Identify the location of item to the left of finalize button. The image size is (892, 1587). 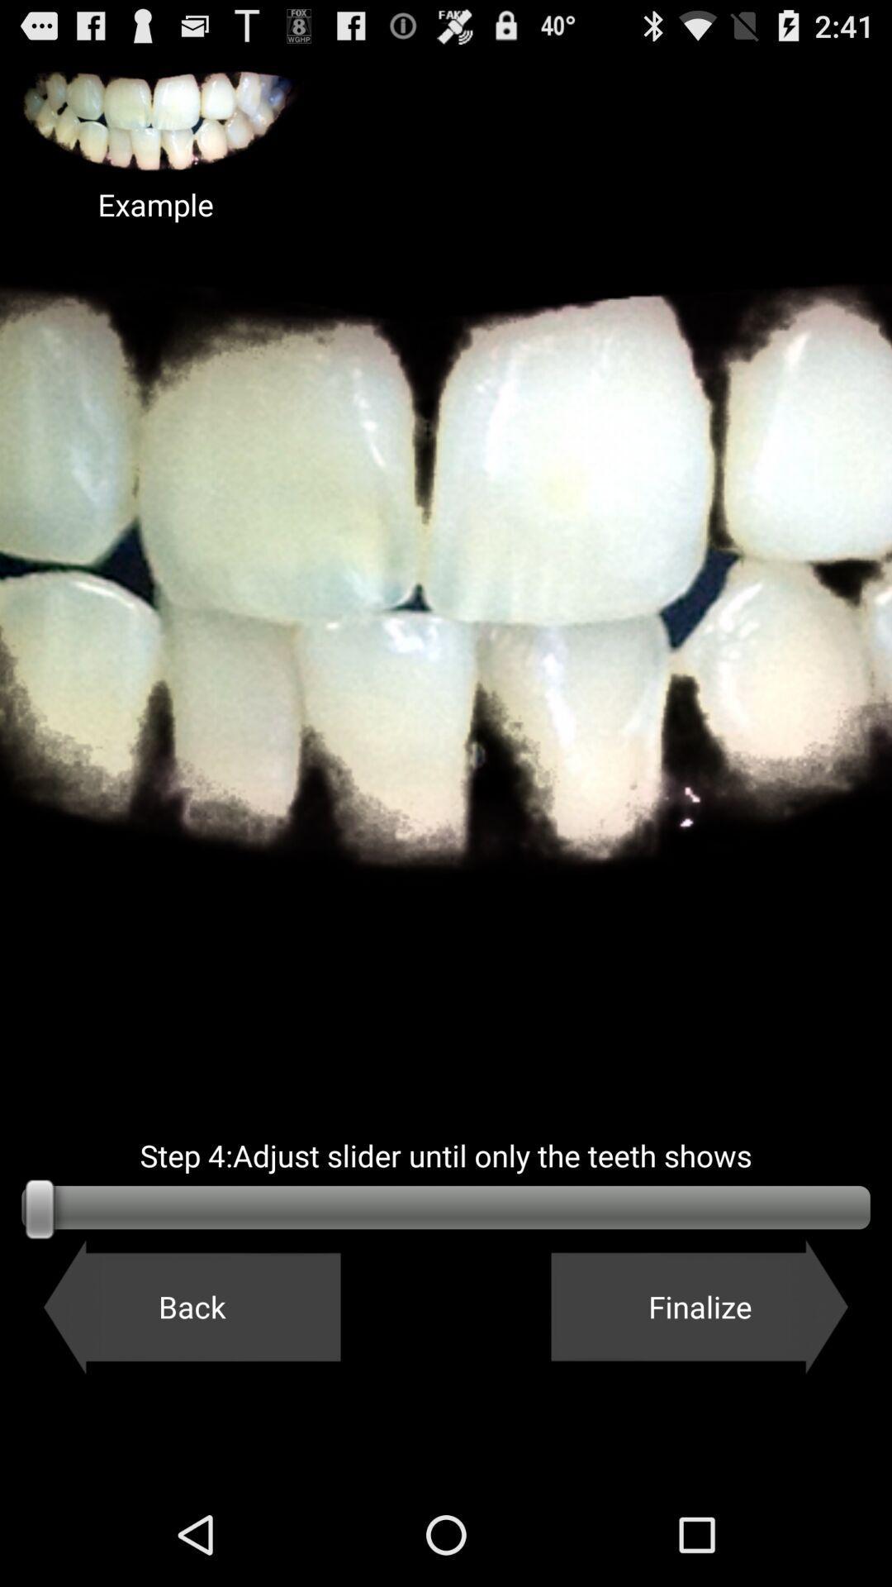
(191, 1306).